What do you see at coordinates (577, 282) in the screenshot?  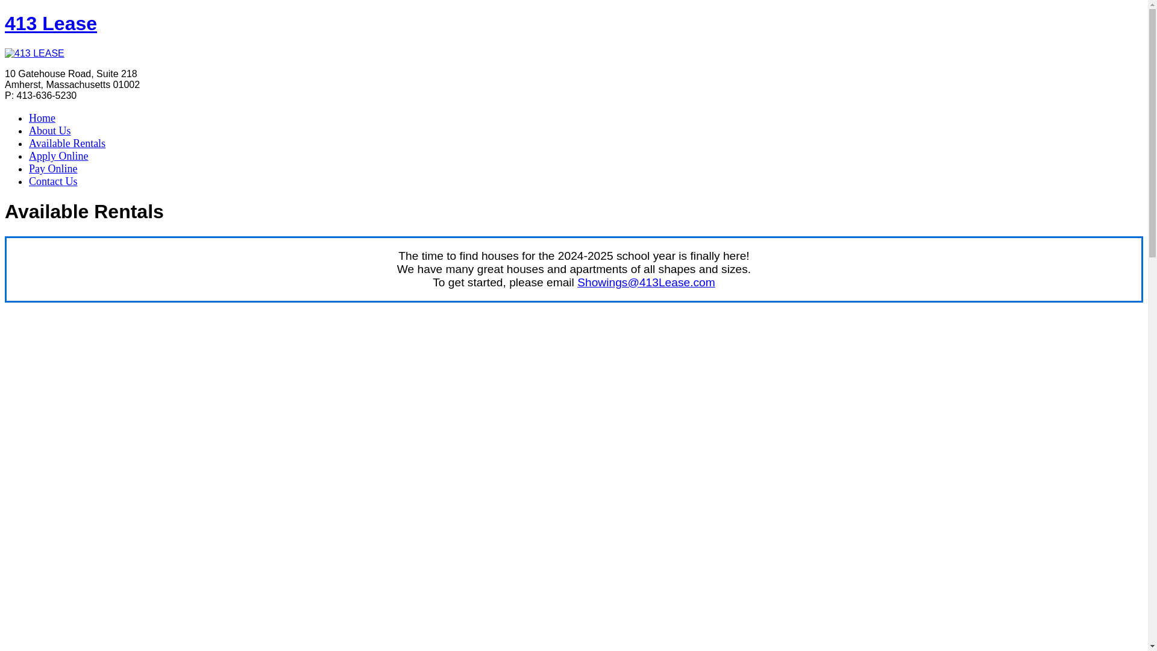 I see `'Showings@413Lease.com'` at bounding box center [577, 282].